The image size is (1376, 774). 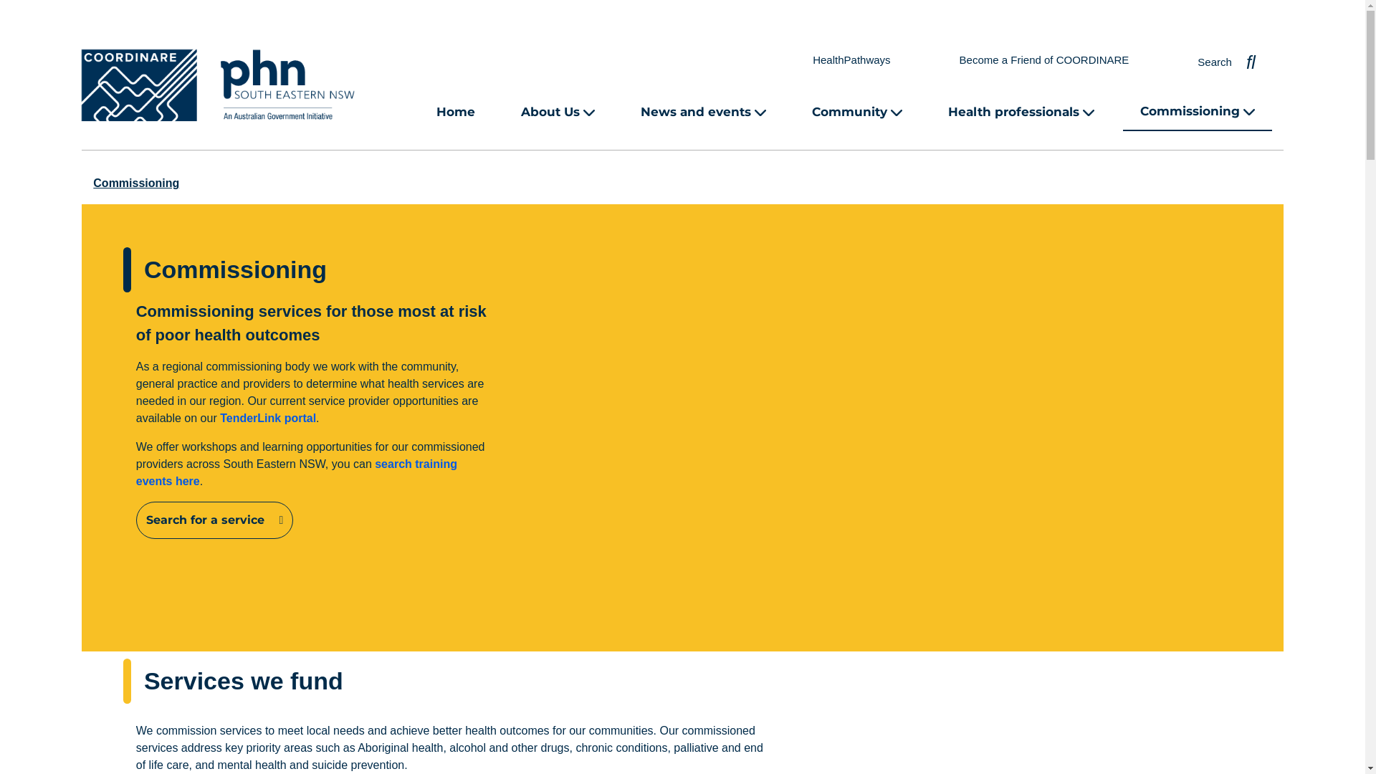 What do you see at coordinates (1225, 59) in the screenshot?
I see `'Search'` at bounding box center [1225, 59].